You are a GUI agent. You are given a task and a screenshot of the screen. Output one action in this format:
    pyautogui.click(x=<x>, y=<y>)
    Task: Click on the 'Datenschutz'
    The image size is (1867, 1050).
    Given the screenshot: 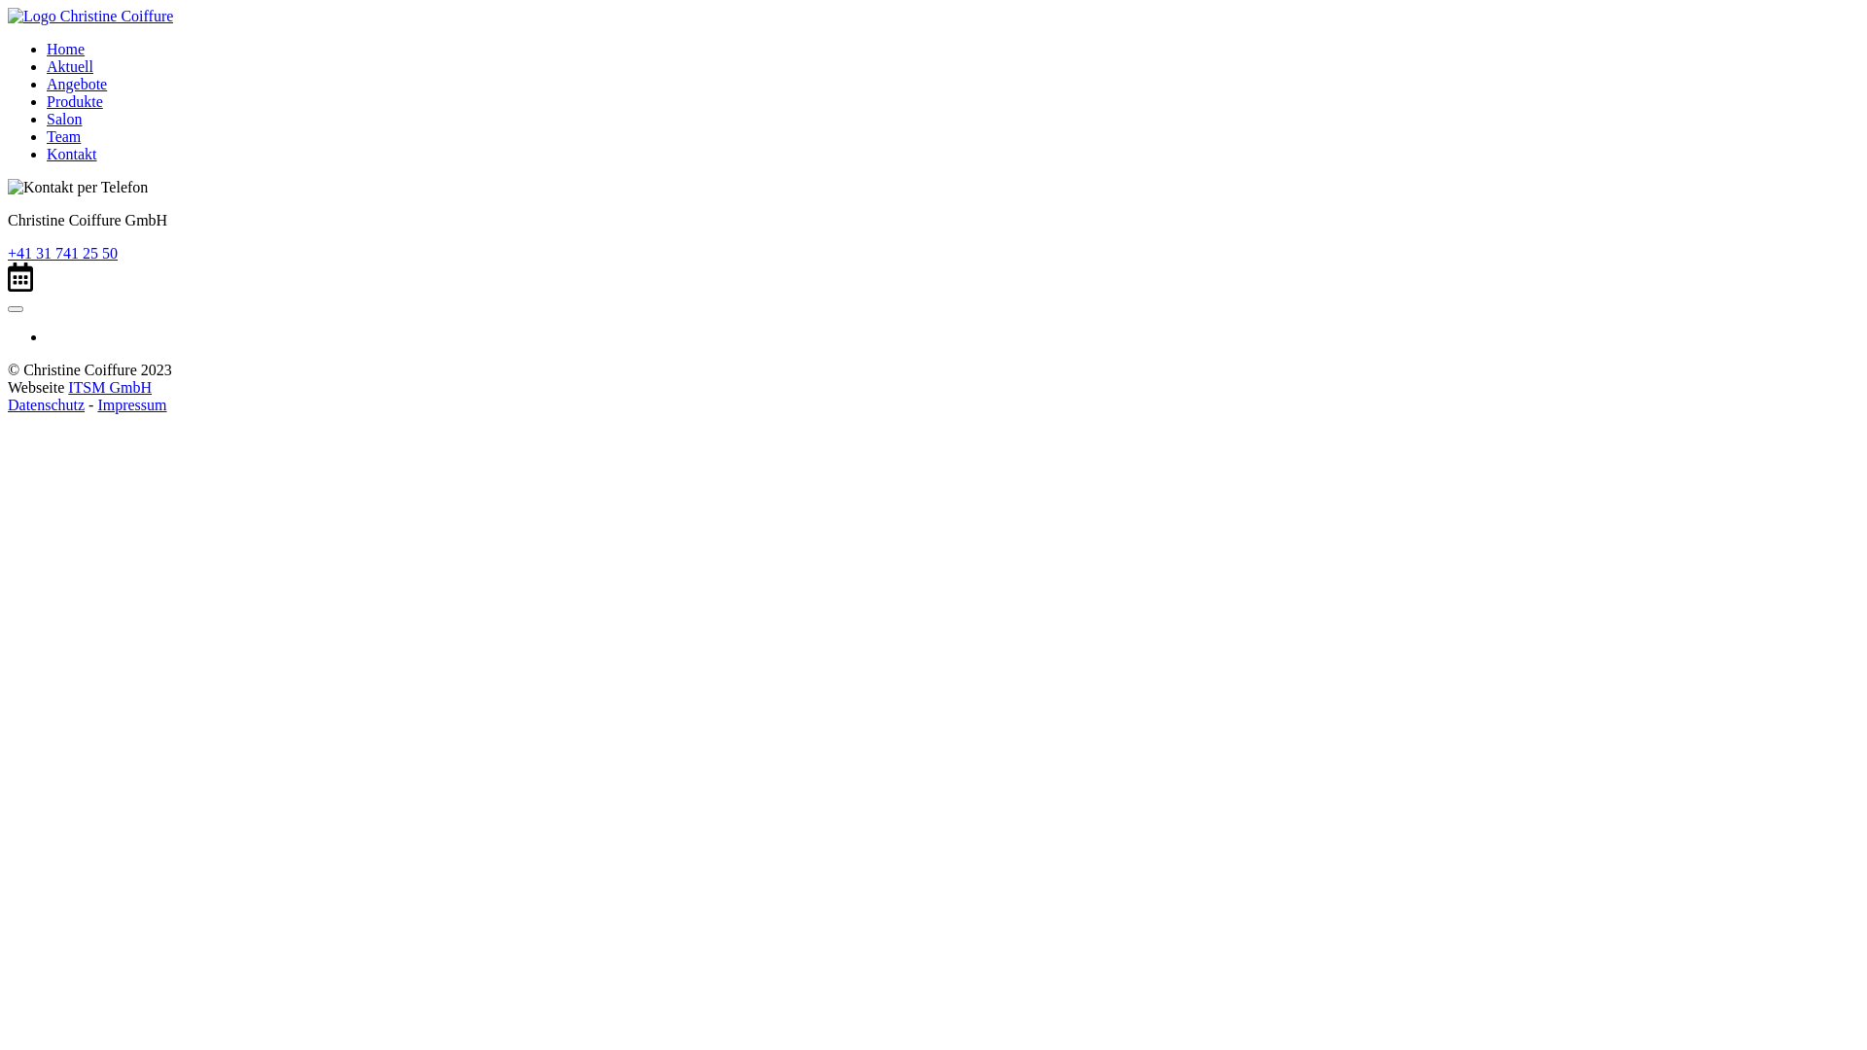 What is the action you would take?
    pyautogui.click(x=46, y=403)
    